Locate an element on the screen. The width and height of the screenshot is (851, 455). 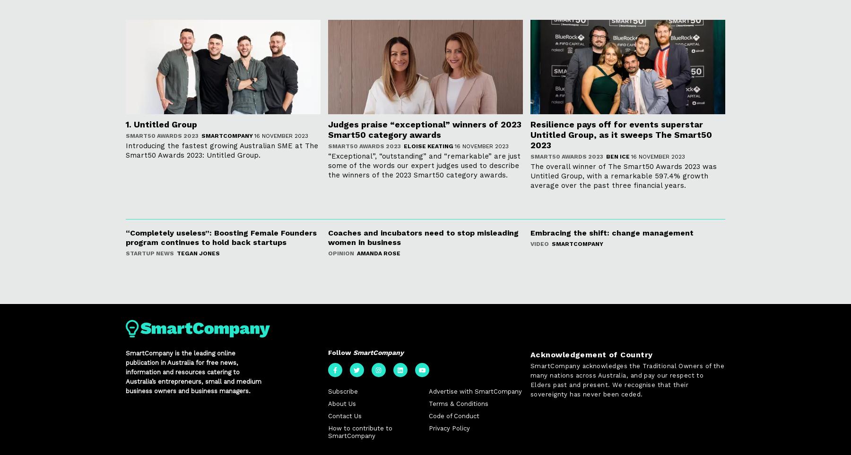
'Startup News' is located at coordinates (149, 253).